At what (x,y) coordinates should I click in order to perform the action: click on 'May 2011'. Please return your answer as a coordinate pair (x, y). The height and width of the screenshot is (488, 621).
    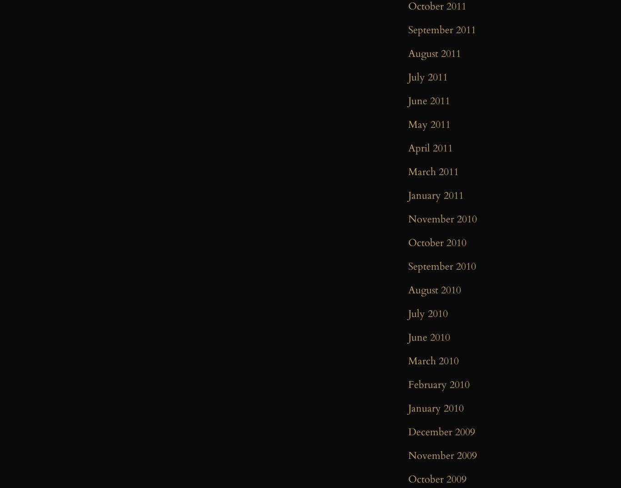
    Looking at the image, I should click on (429, 124).